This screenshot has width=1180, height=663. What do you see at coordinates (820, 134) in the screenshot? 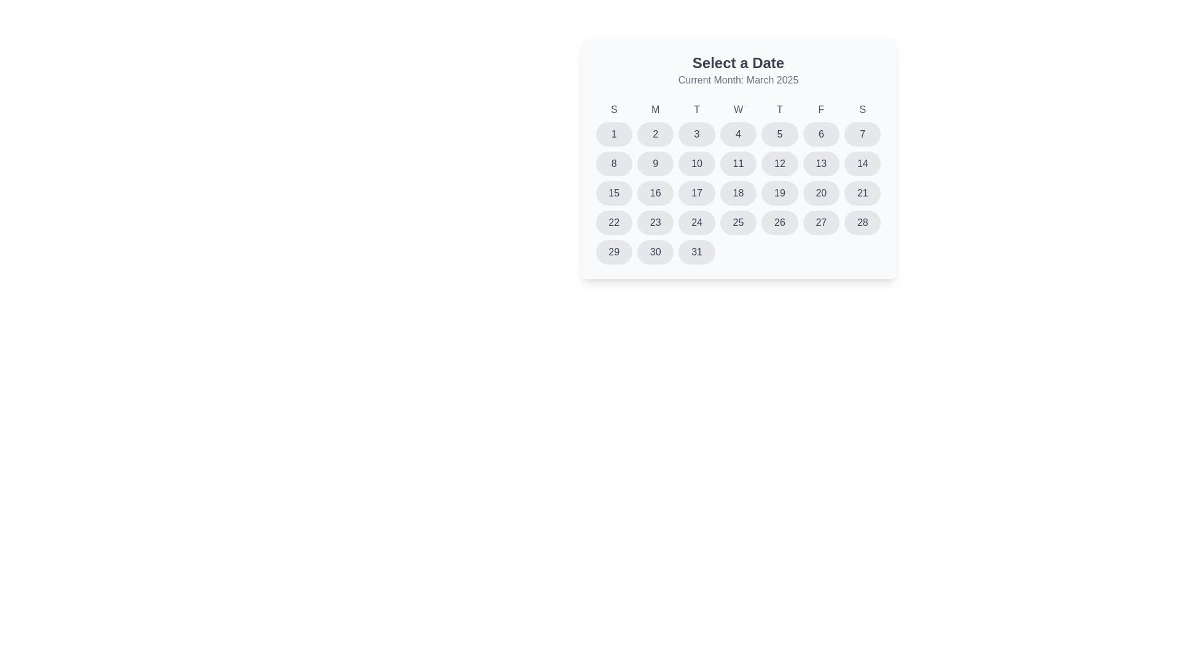
I see `the button representing the 6th day of the month in the calendar interface, located in the sixth column of the first row under the 'F' label for Friday` at bounding box center [820, 134].